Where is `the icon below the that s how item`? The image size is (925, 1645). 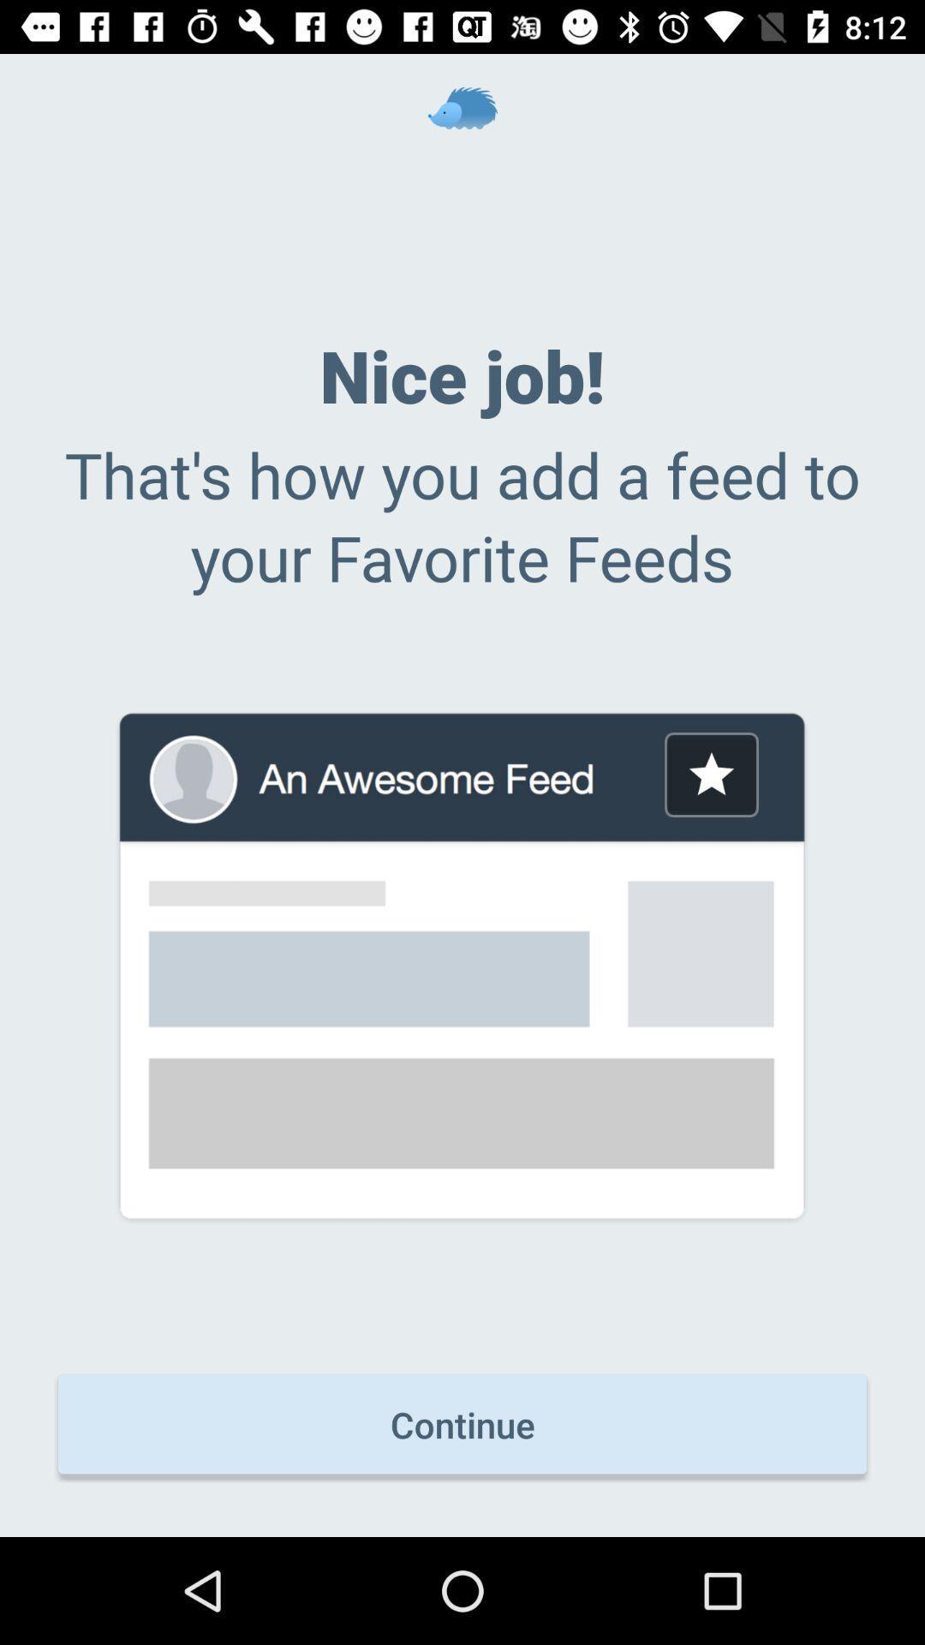 the icon below the that s how item is located at coordinates (711, 774).